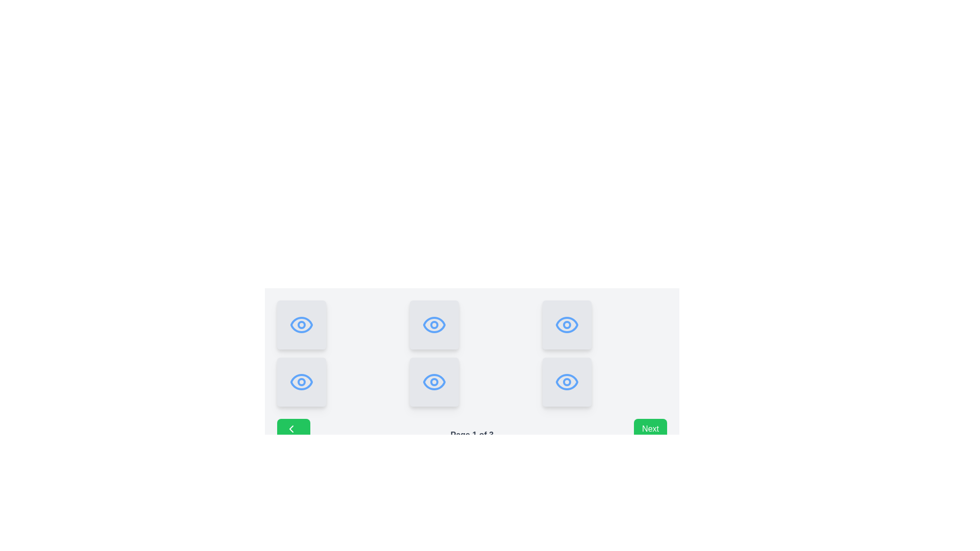 This screenshot has width=980, height=551. What do you see at coordinates (434, 382) in the screenshot?
I see `the SVG Circle element inside the eye icon located in the middle row, middle column of a 3x2 grid` at bounding box center [434, 382].